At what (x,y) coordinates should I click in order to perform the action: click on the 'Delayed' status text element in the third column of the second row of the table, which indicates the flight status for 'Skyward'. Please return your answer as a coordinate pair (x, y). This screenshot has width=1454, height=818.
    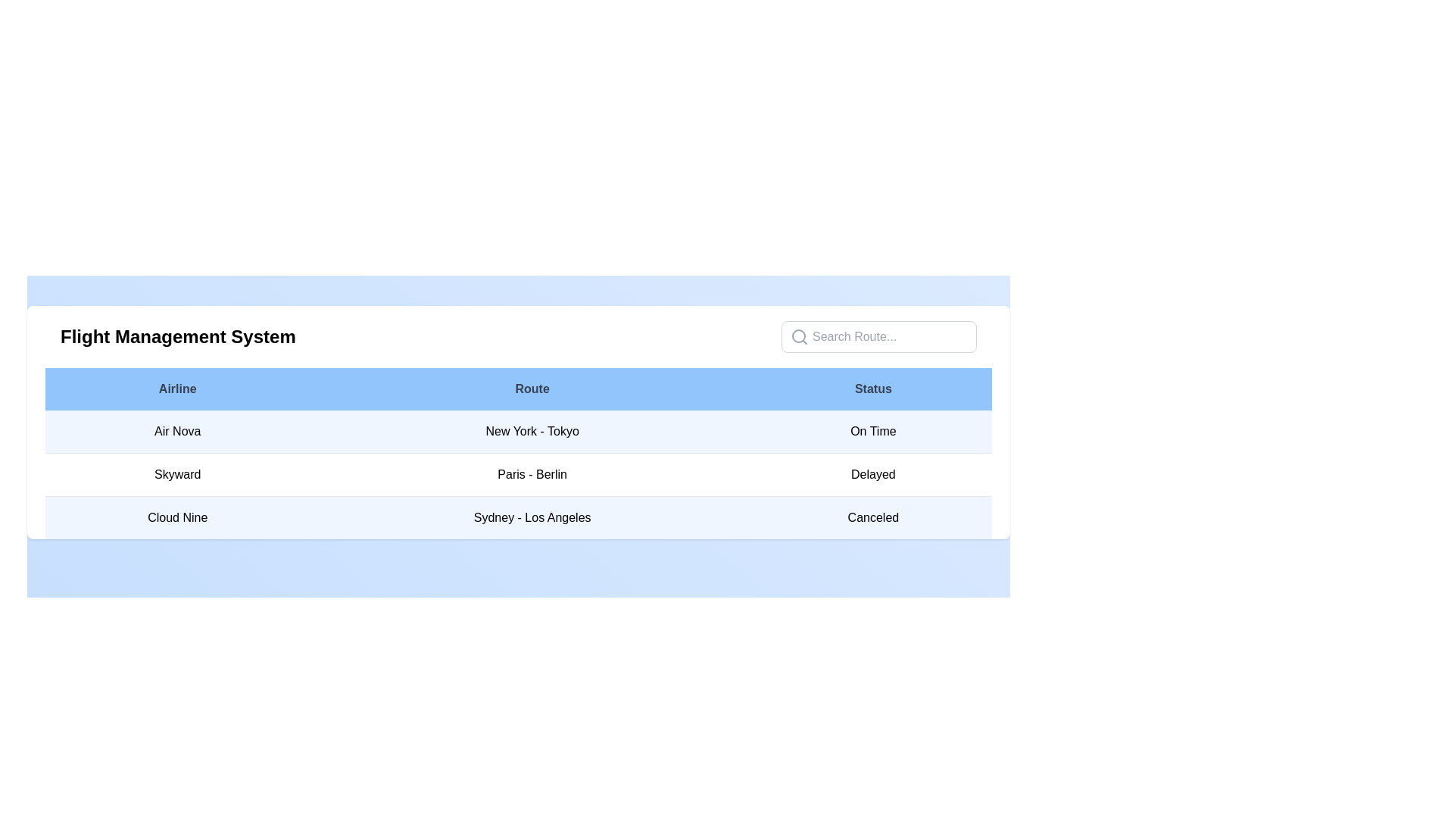
    Looking at the image, I should click on (873, 474).